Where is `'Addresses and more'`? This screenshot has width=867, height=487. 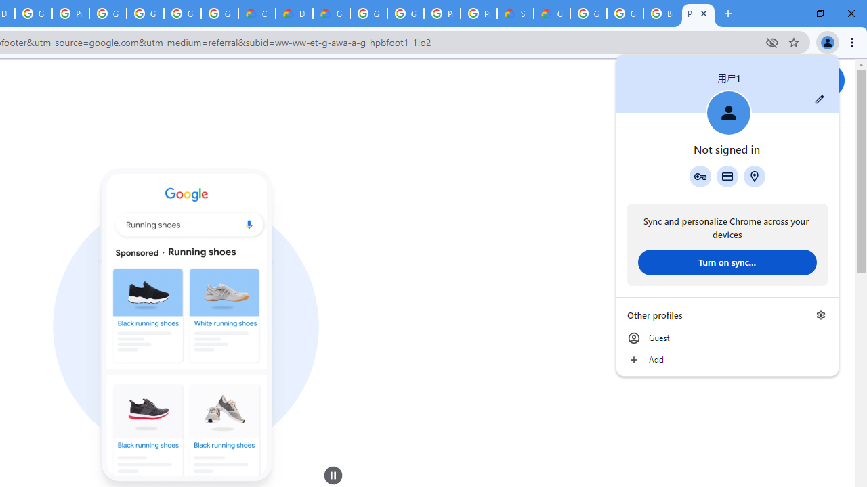
'Addresses and more' is located at coordinates (754, 176).